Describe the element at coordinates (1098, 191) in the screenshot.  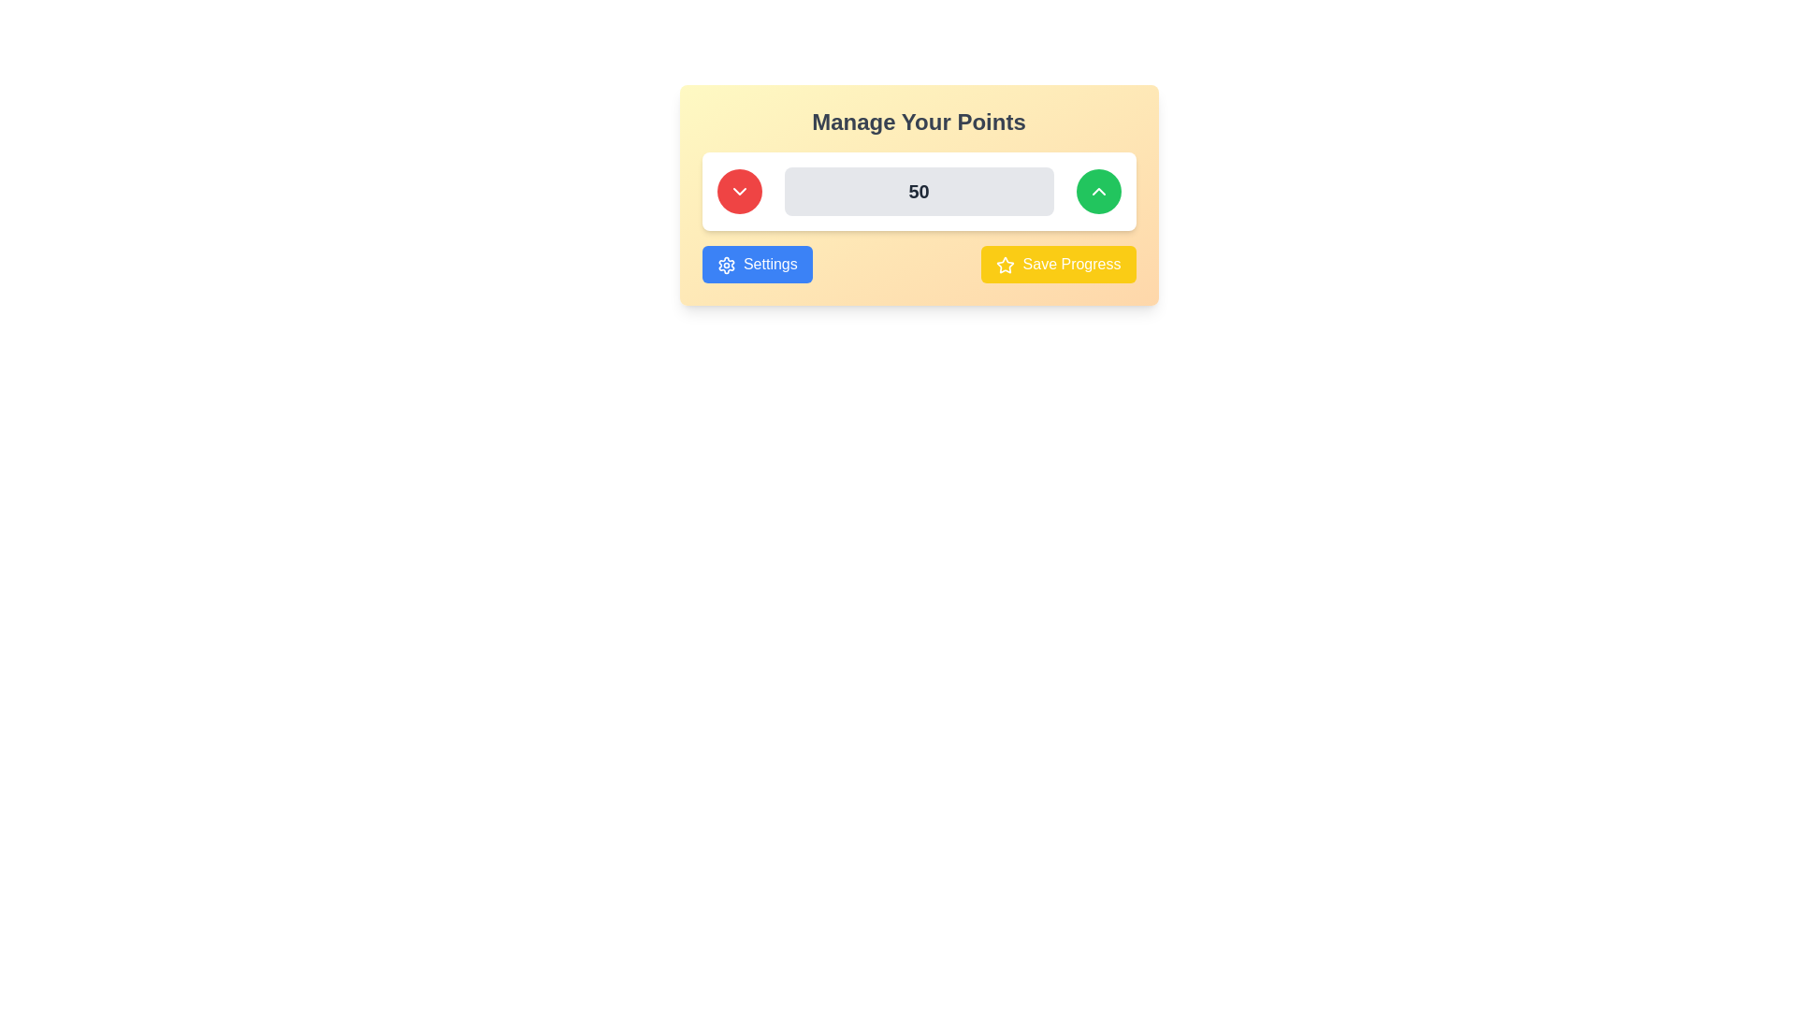
I see `the circular green button with a white upward arrow icon, which serves as the increment button adjacent to a centered input field displaying '50'` at that location.